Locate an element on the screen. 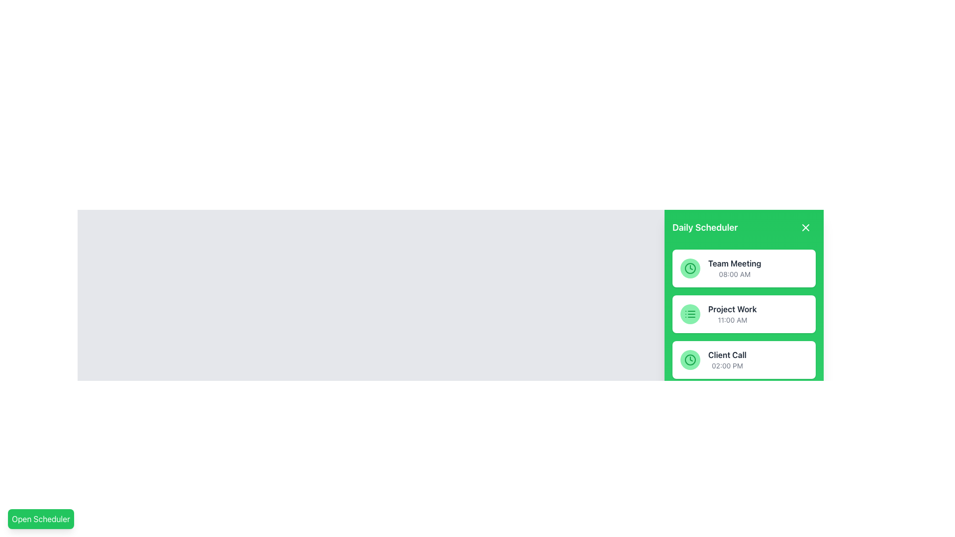  the second informational card in the Daily Scheduler panel, which displays 'Project Work' and the time '11:00 AM' is located at coordinates (744, 314).